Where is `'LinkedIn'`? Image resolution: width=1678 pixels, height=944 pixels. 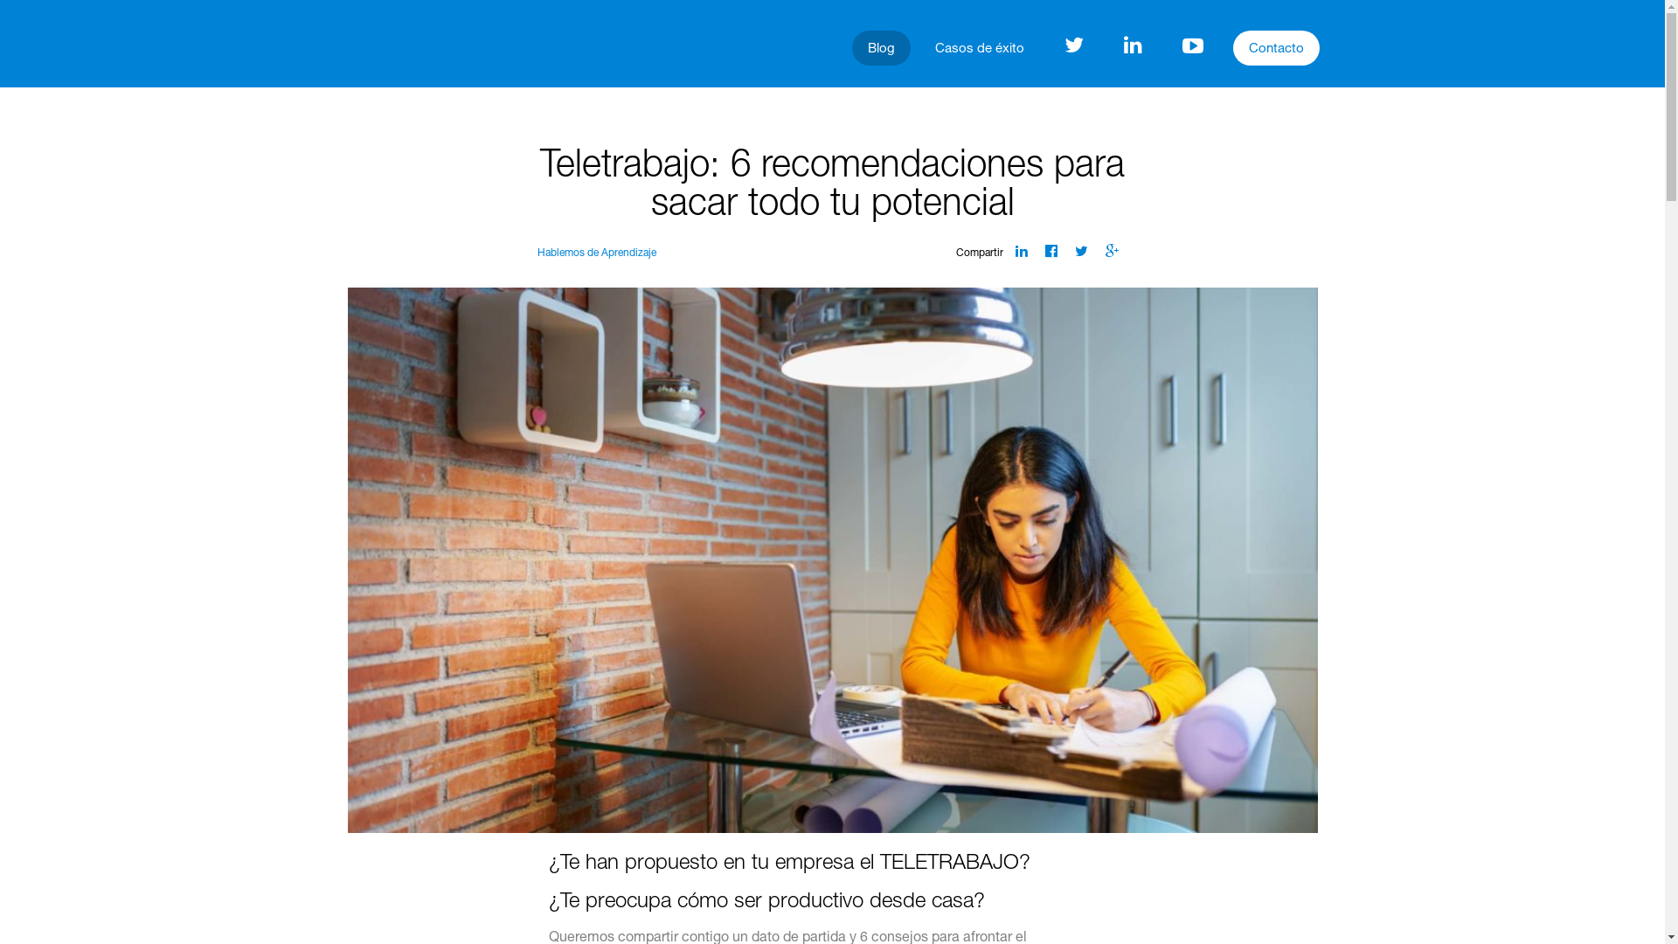
'LinkedIn' is located at coordinates (1015, 252).